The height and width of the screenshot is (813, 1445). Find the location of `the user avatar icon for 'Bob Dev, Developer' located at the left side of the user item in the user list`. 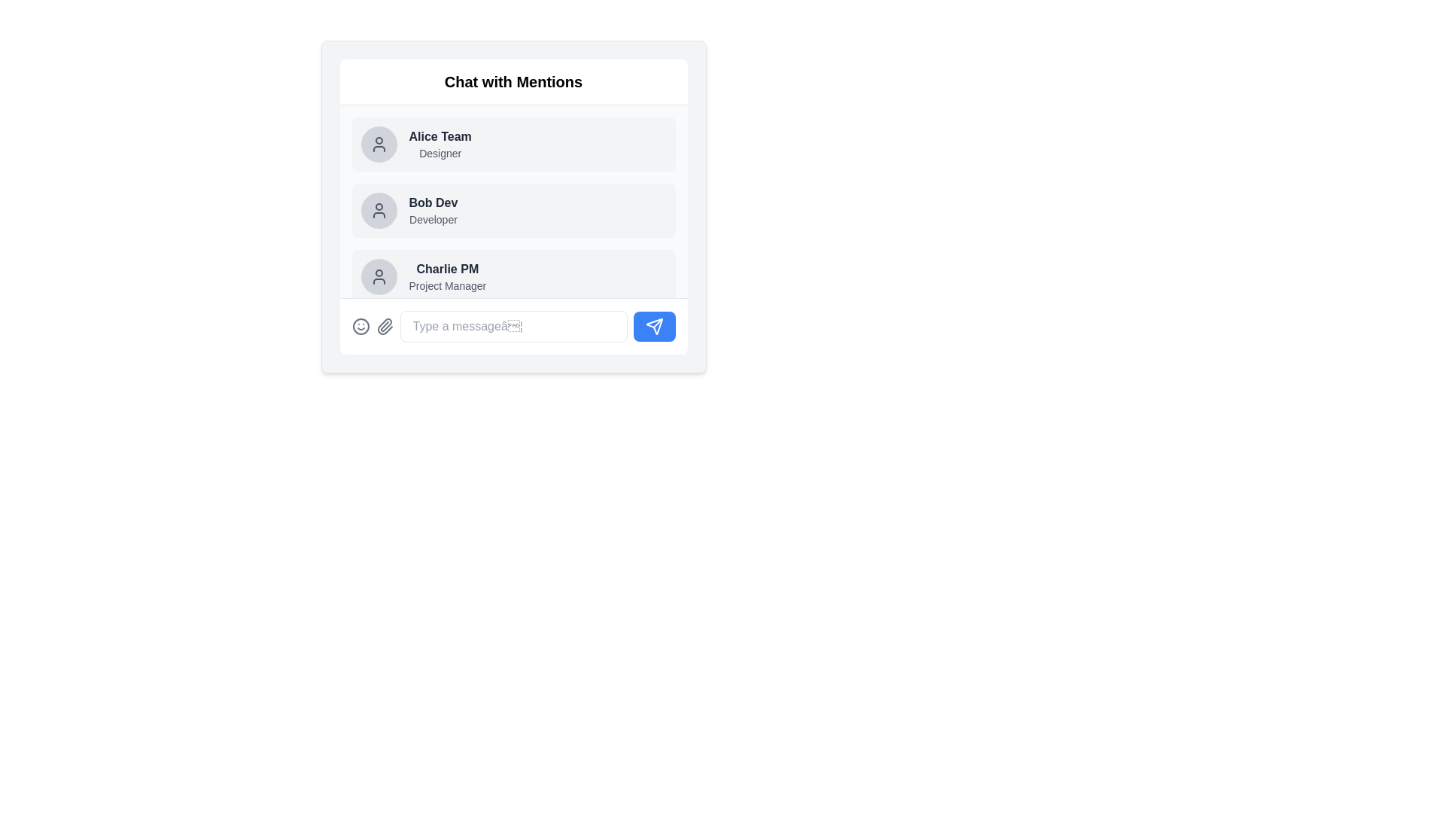

the user avatar icon for 'Bob Dev, Developer' located at the left side of the user item in the user list is located at coordinates (379, 211).